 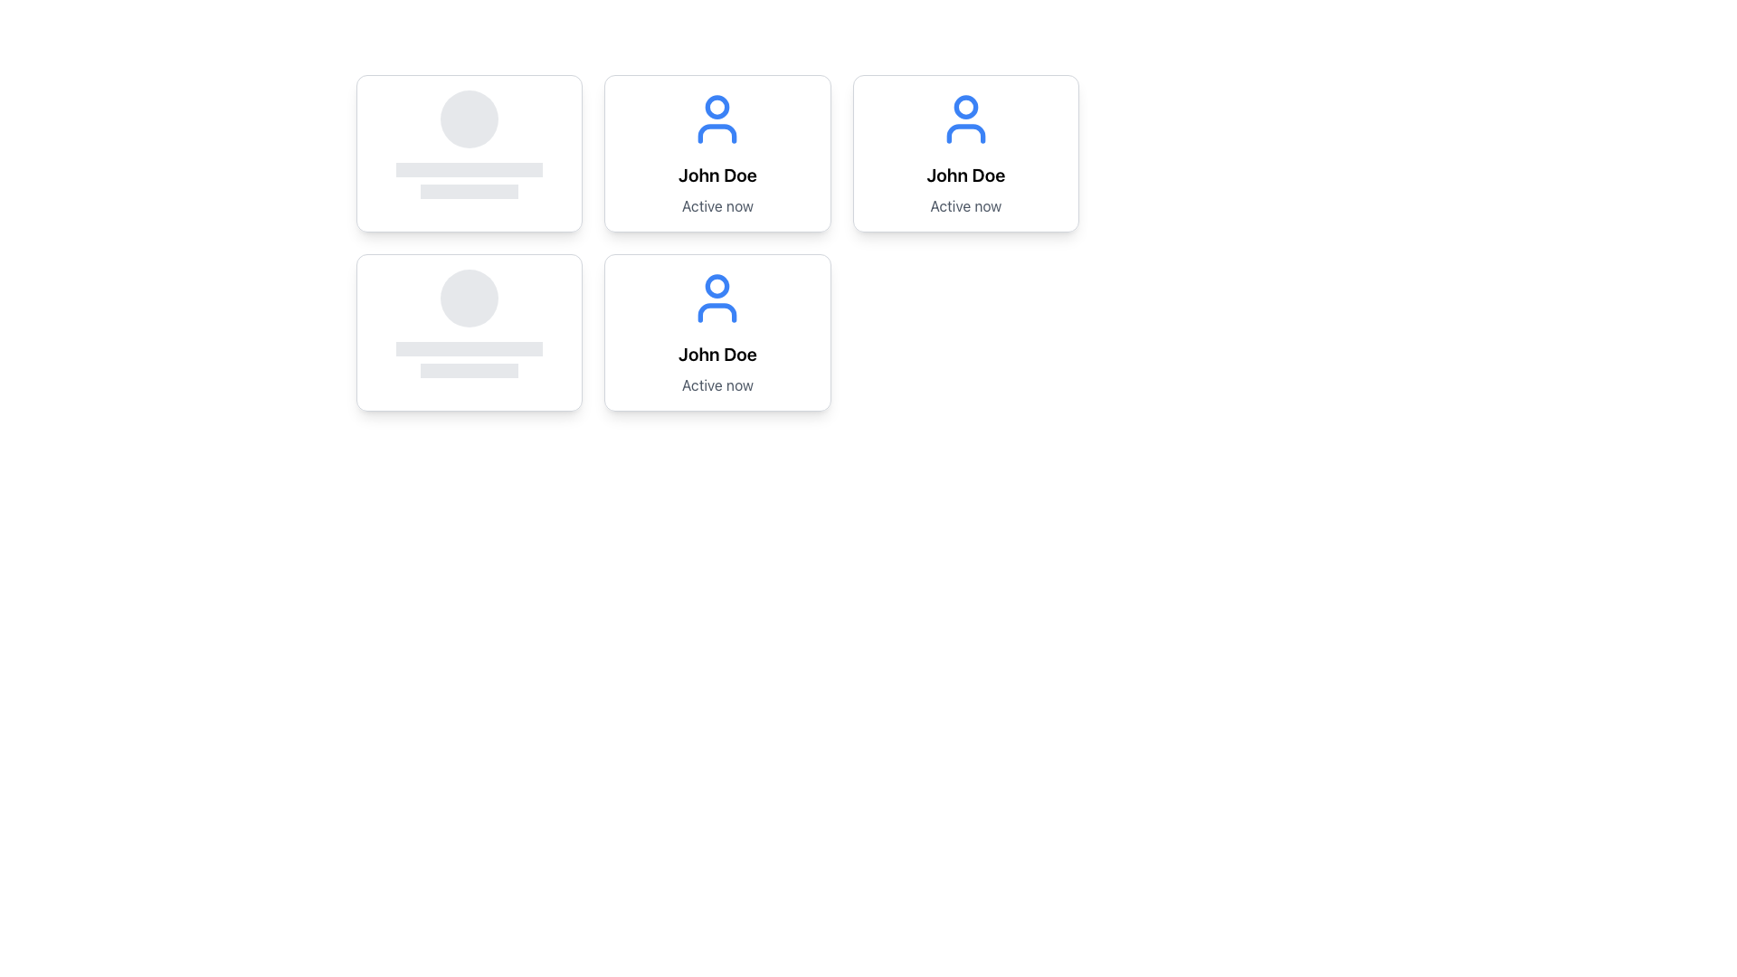 What do you see at coordinates (964, 152) in the screenshot?
I see `the username displayed in the Profile Card located in the second column, second row of the grid` at bounding box center [964, 152].